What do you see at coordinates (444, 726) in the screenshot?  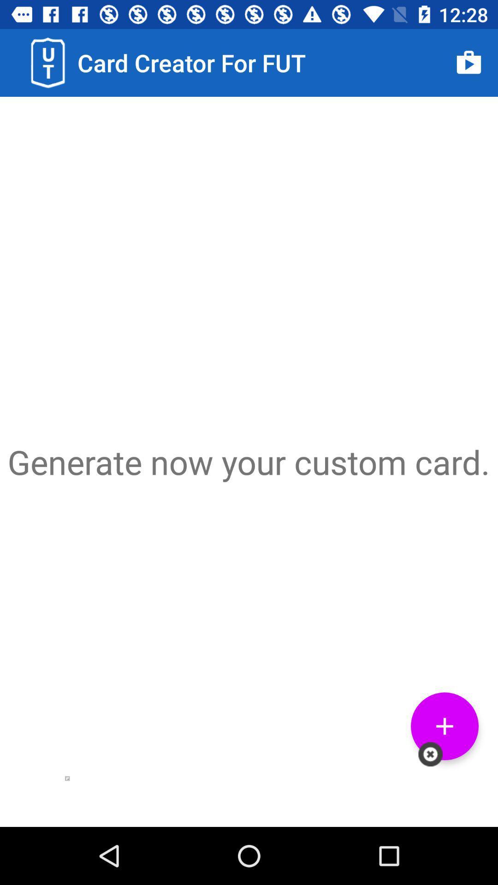 I see `the icon below the generate now your item` at bounding box center [444, 726].